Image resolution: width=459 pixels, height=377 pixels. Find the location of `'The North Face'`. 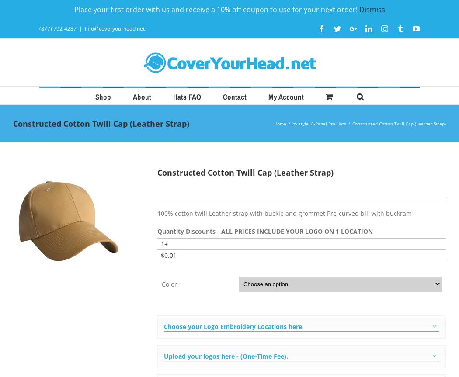

'The North Face' is located at coordinates (205, 255).